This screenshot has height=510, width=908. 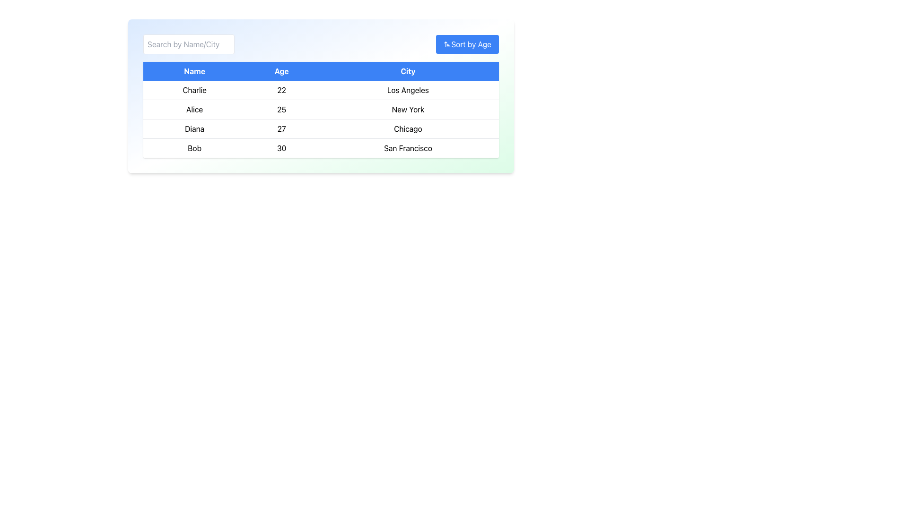 I want to click on the text label displaying 'Los Angeles', which is part of the tabular row for 'Charlie', under the 'City' column header, so click(x=408, y=90).